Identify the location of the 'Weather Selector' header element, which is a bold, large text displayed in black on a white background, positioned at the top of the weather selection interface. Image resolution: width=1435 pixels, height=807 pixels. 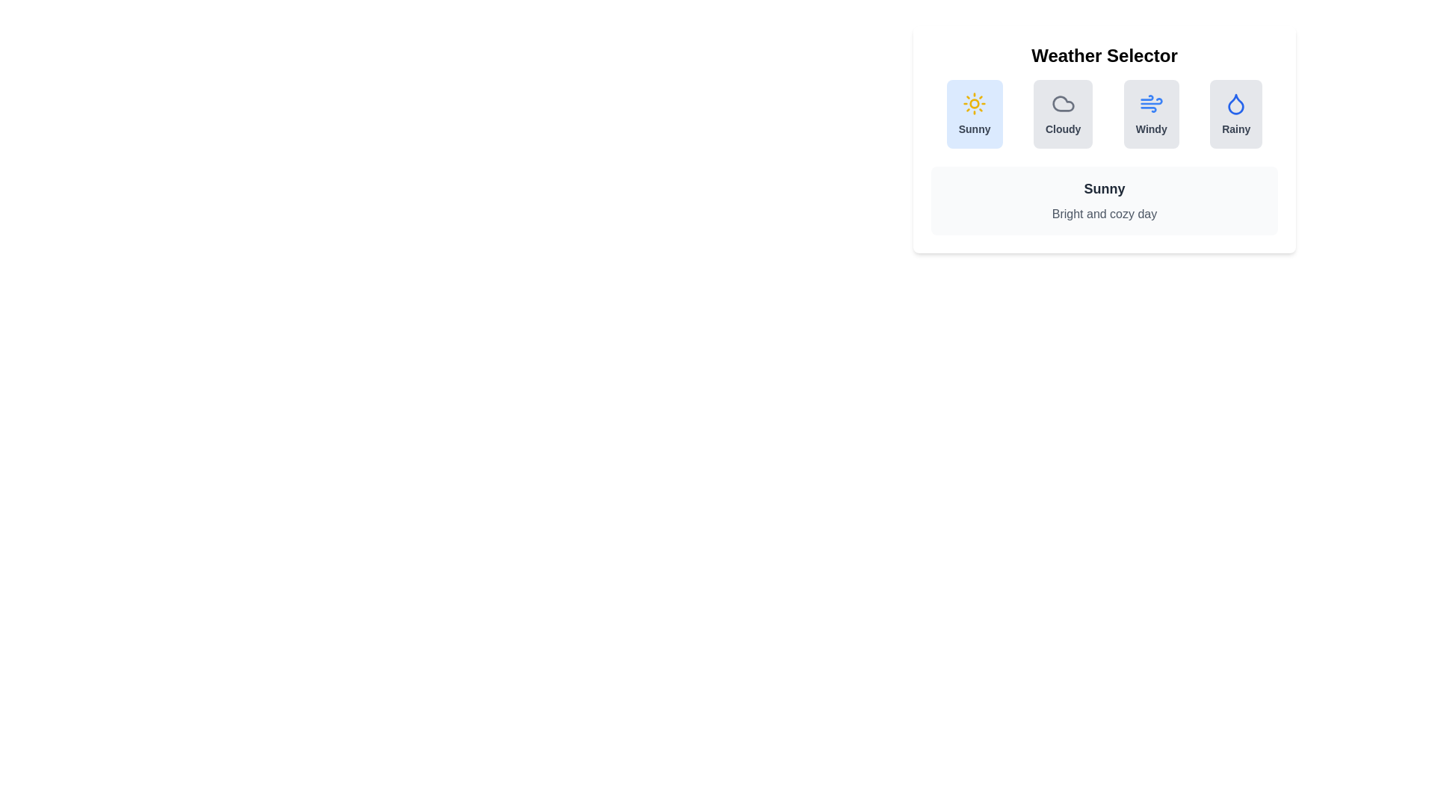
(1105, 55).